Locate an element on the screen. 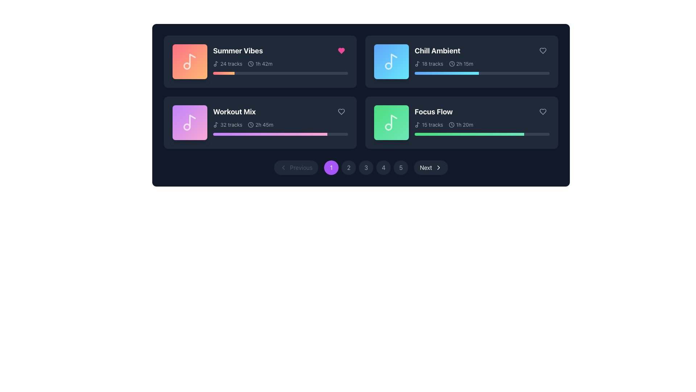 The height and width of the screenshot is (392, 696). the inactive navigation button for the previous page located at the bottom-center of the interface, which is grayed-out and positioned first in the pagination control bar is located at coordinates (296, 168).